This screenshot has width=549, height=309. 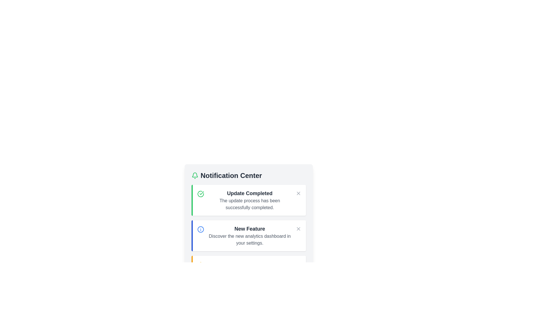 What do you see at coordinates (250, 204) in the screenshot?
I see `the static text label that provides feedback about the completion of the update process, located beneath the 'Update Completed' heading in the 'Notification Center'` at bounding box center [250, 204].